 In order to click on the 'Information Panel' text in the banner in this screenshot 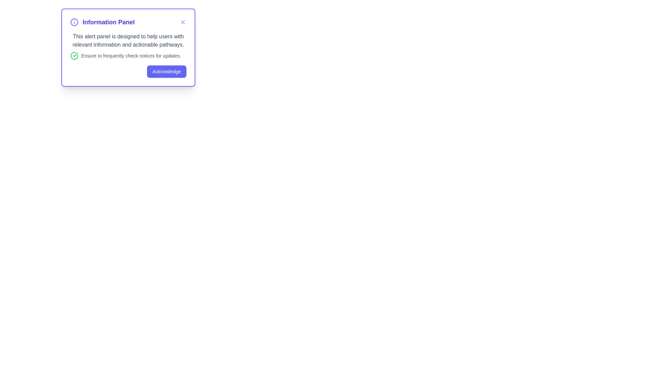, I will do `click(102, 22)`.